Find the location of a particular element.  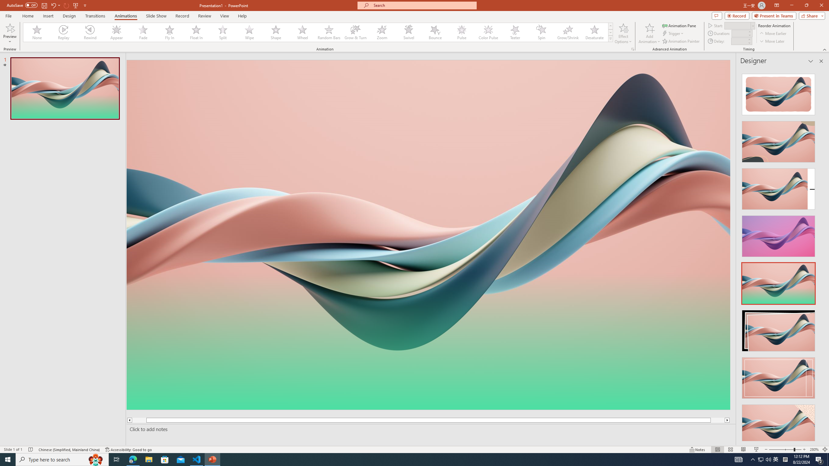

'Wipe' is located at coordinates (249, 32).